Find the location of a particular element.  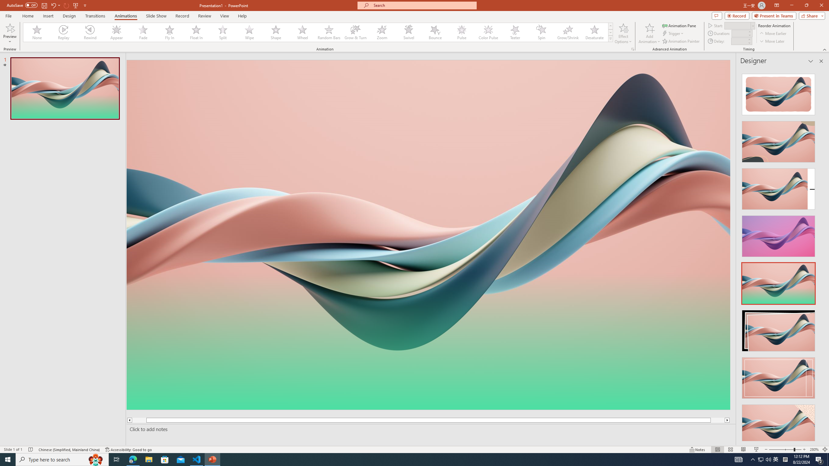

'Wipe' is located at coordinates (249, 32).